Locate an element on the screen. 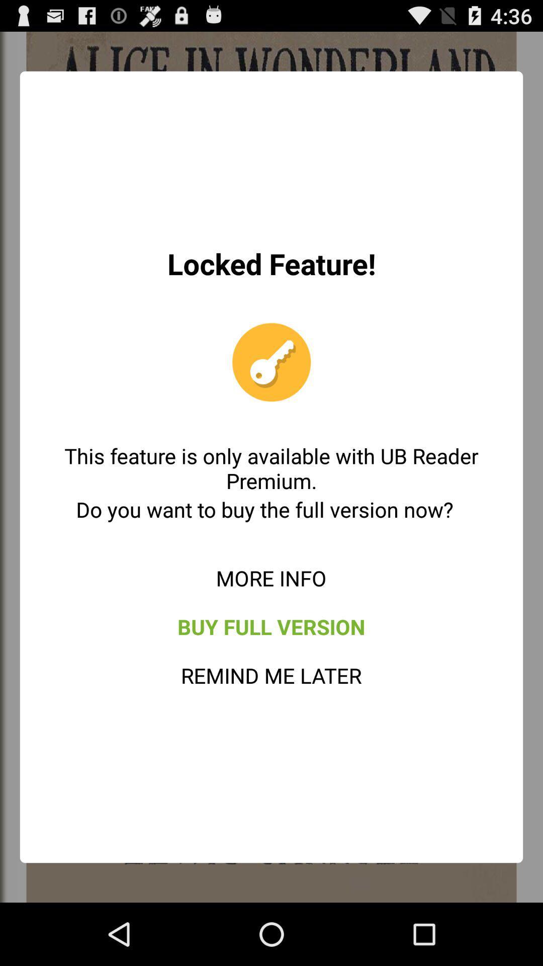 Image resolution: width=543 pixels, height=966 pixels. remind me later at the bottom is located at coordinates (270, 675).